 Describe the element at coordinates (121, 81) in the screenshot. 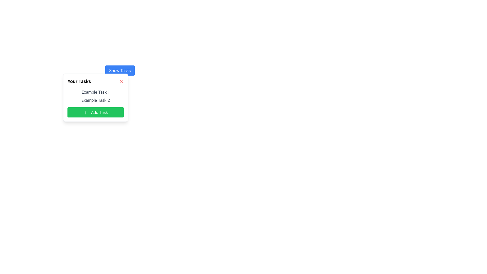

I see `the small interactive red 'X' icon located in the top-right corner of the 'Your Tasks' panel for feedback` at that location.